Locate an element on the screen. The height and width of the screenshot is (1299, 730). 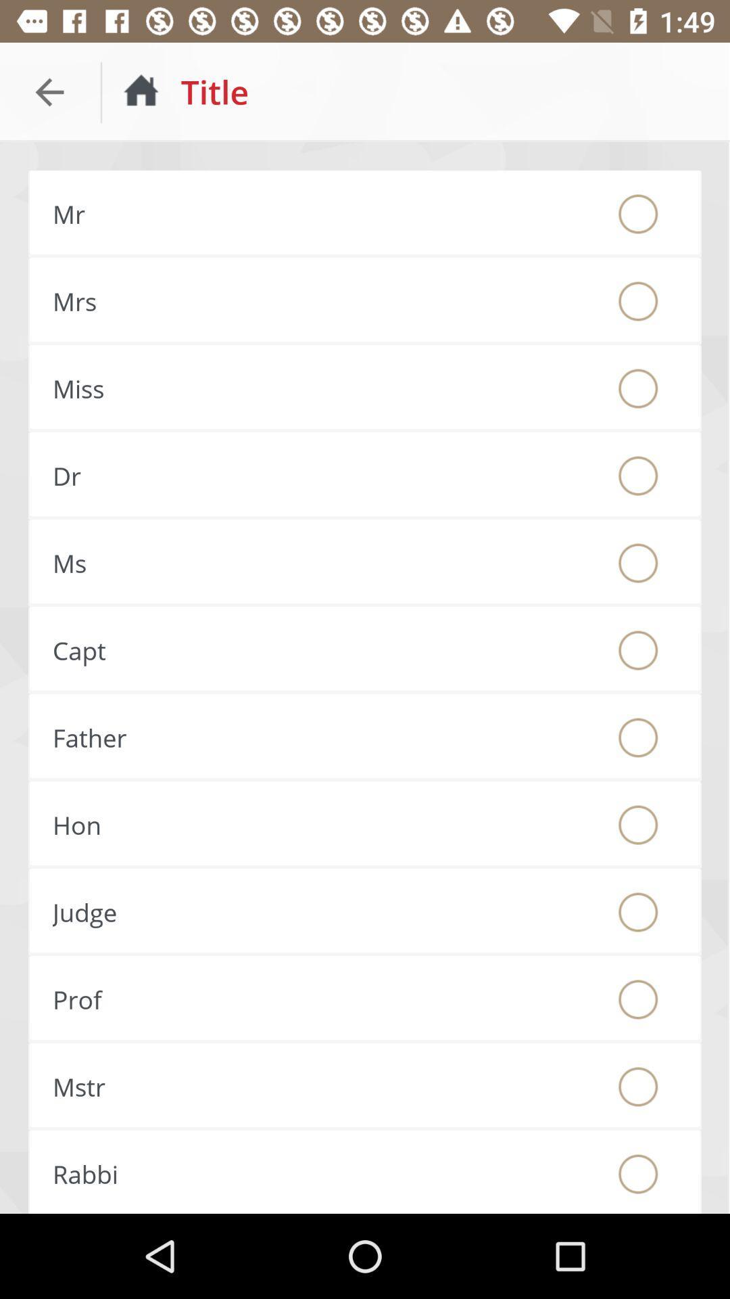
capt as title is located at coordinates (638, 650).